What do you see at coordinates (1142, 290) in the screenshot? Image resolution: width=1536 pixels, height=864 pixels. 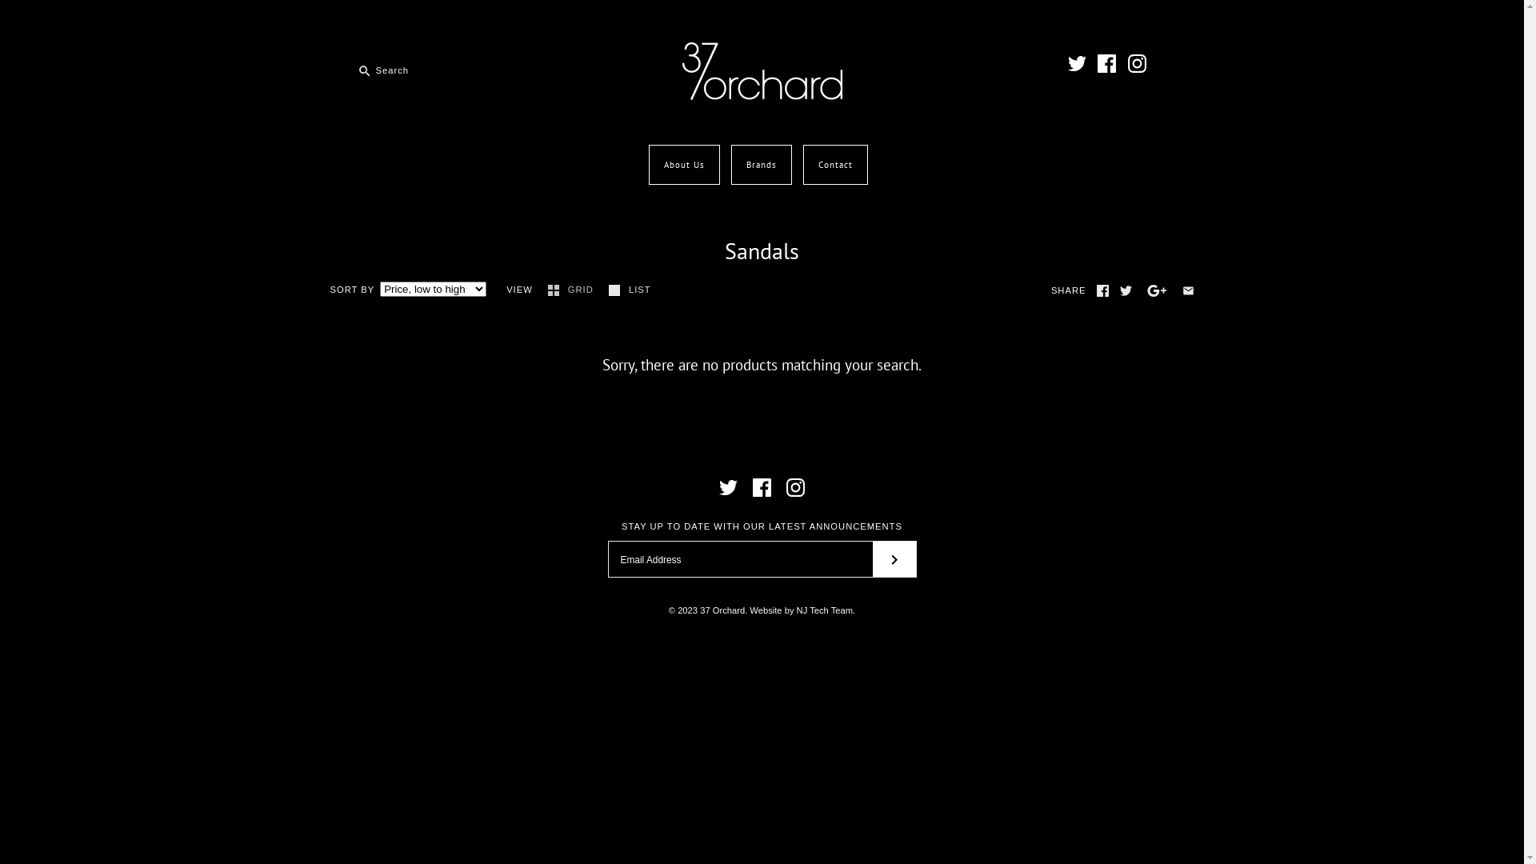 I see `'GooglePlus'` at bounding box center [1142, 290].